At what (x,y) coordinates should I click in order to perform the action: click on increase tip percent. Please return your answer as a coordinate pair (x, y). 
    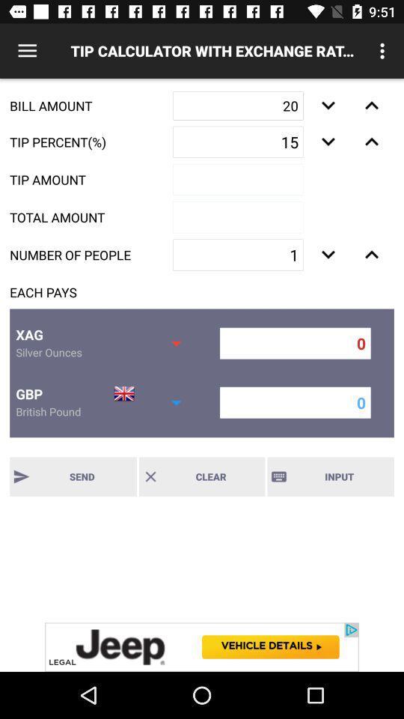
    Looking at the image, I should click on (371, 142).